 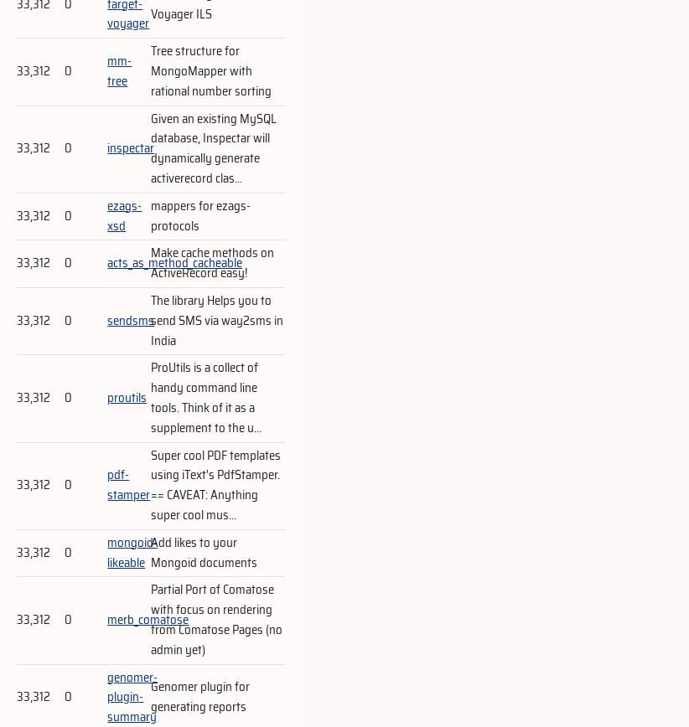 What do you see at coordinates (106, 485) in the screenshot?
I see `'pdf-stamper'` at bounding box center [106, 485].